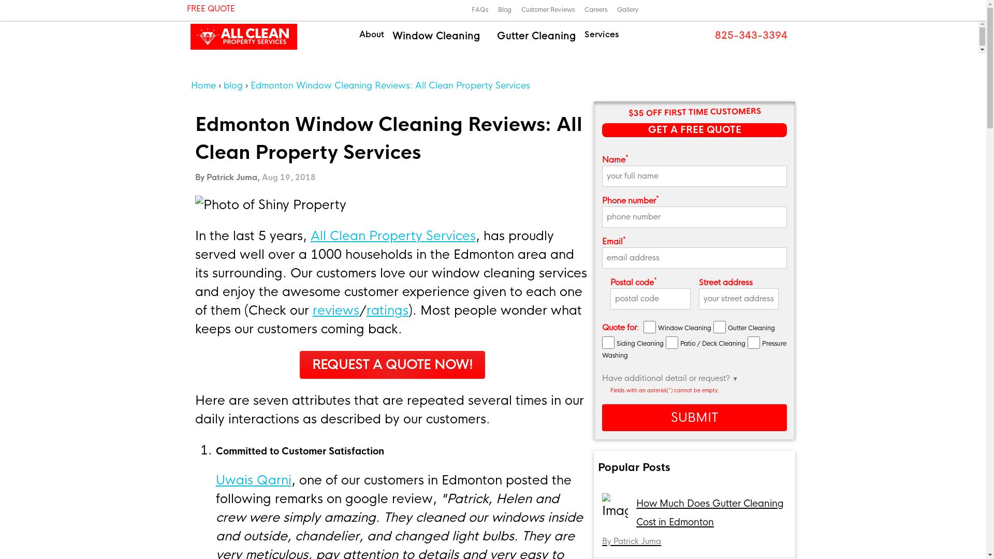  What do you see at coordinates (335, 310) in the screenshot?
I see `'reviews'` at bounding box center [335, 310].